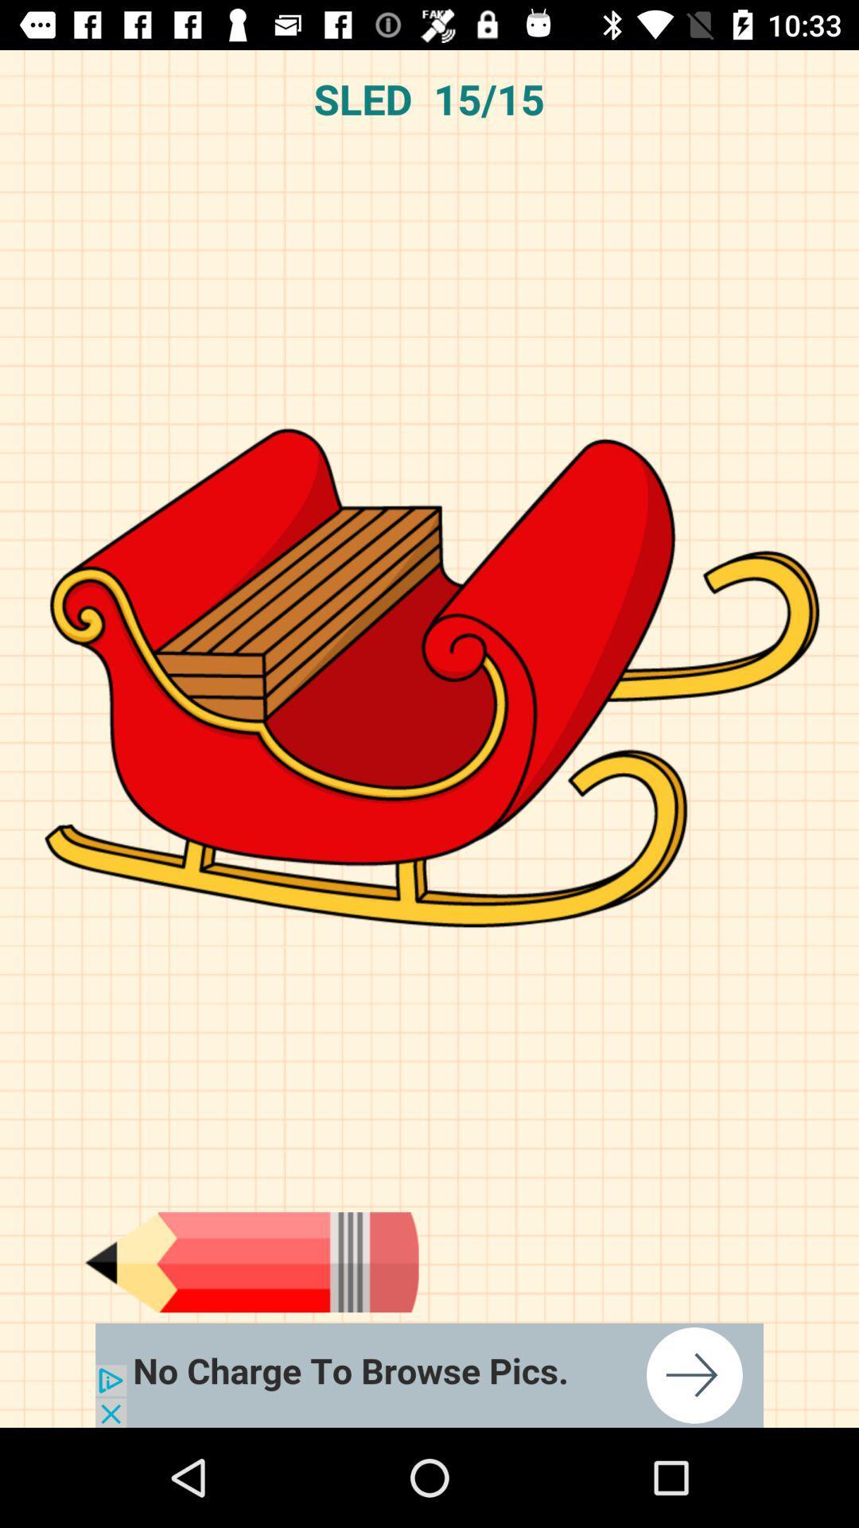 The width and height of the screenshot is (859, 1528). Describe the element at coordinates (429, 1374) in the screenshot. I see `open advertisement` at that location.